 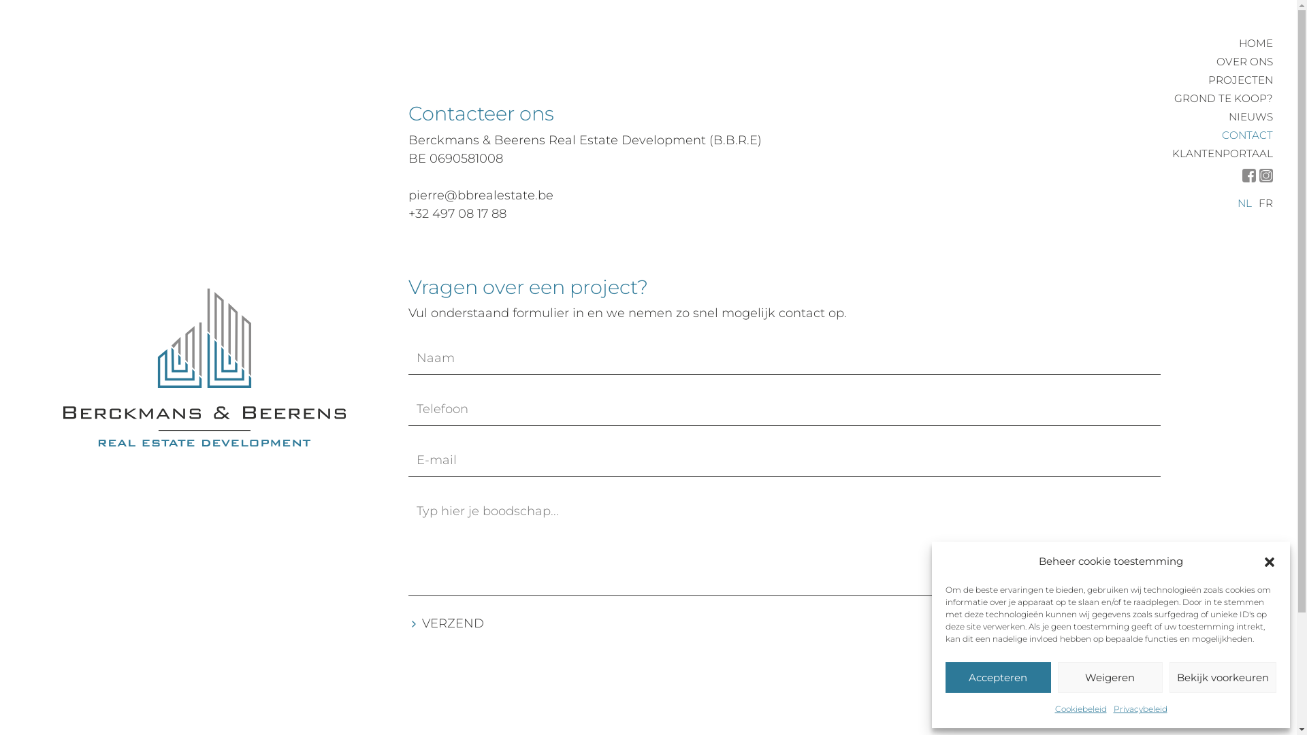 I want to click on 'Privacybeleid', so click(x=1114, y=708).